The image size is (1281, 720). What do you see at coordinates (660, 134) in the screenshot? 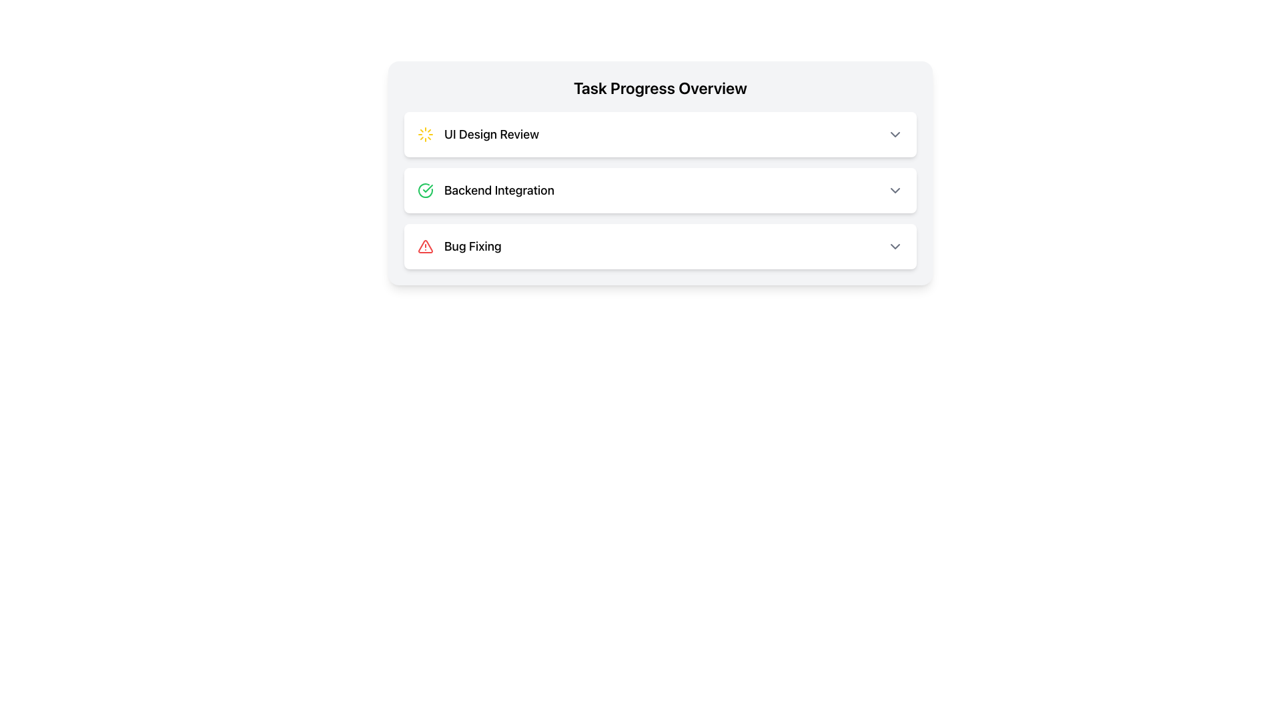
I see `the 'UI Design Review' task item` at bounding box center [660, 134].